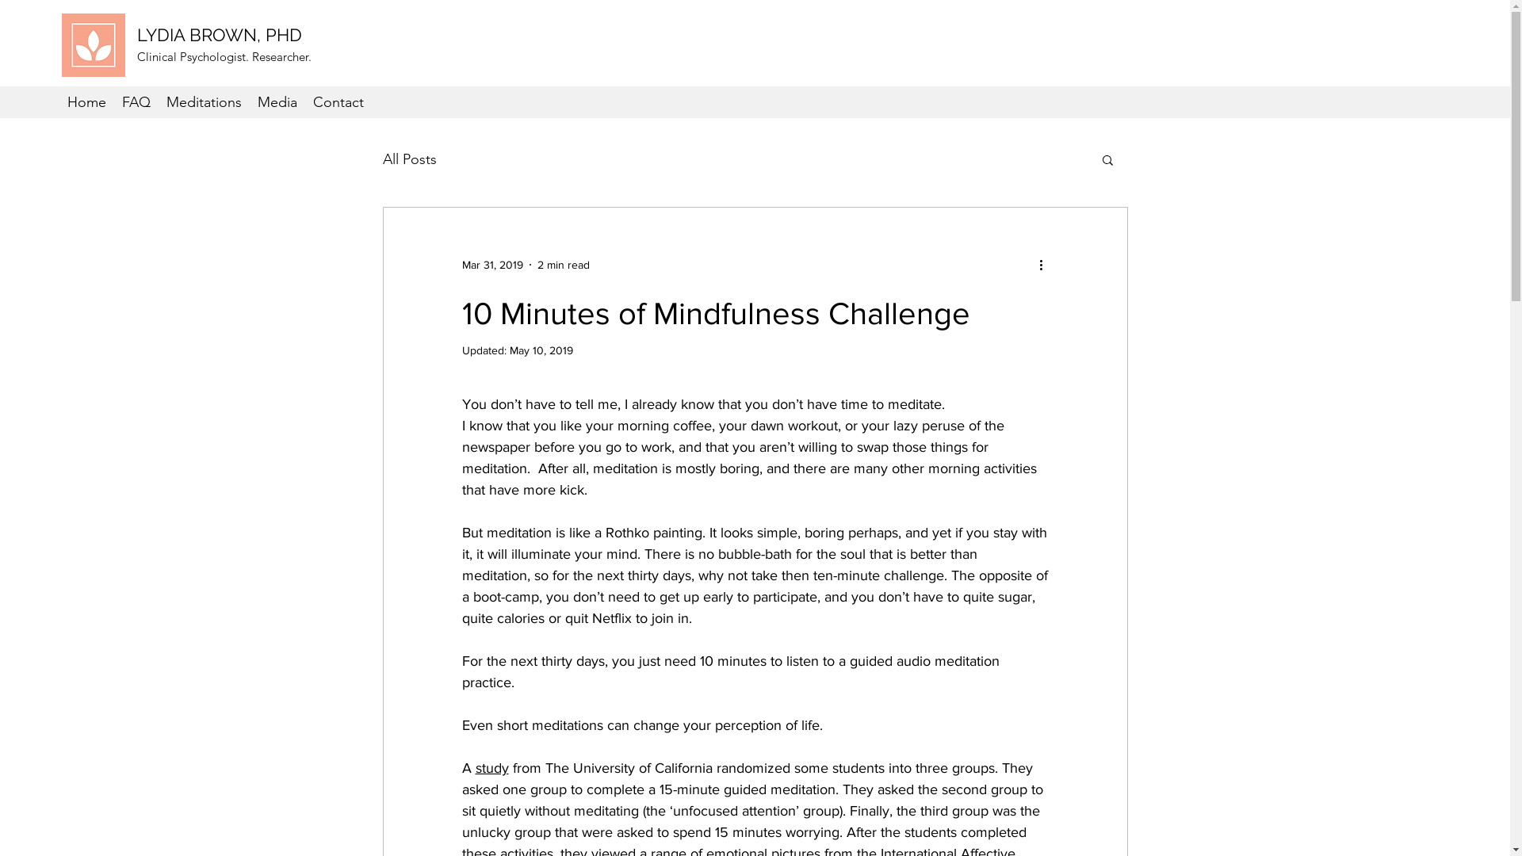 The width and height of the screenshot is (1522, 856). Describe the element at coordinates (136, 101) in the screenshot. I see `'FAQ'` at that location.